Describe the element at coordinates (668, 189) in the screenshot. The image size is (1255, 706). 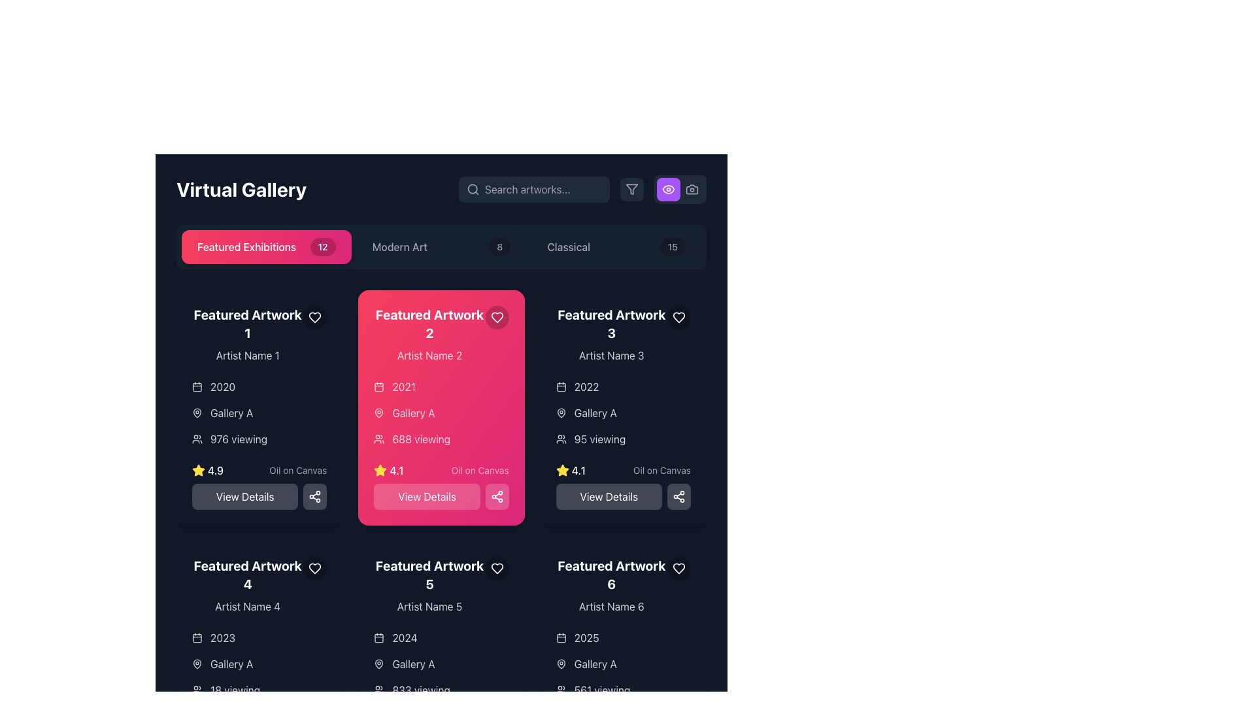
I see `the outer curve of the eye icon, which is a part of the SVG element located on the right side of the app header, near the camera icon` at that location.